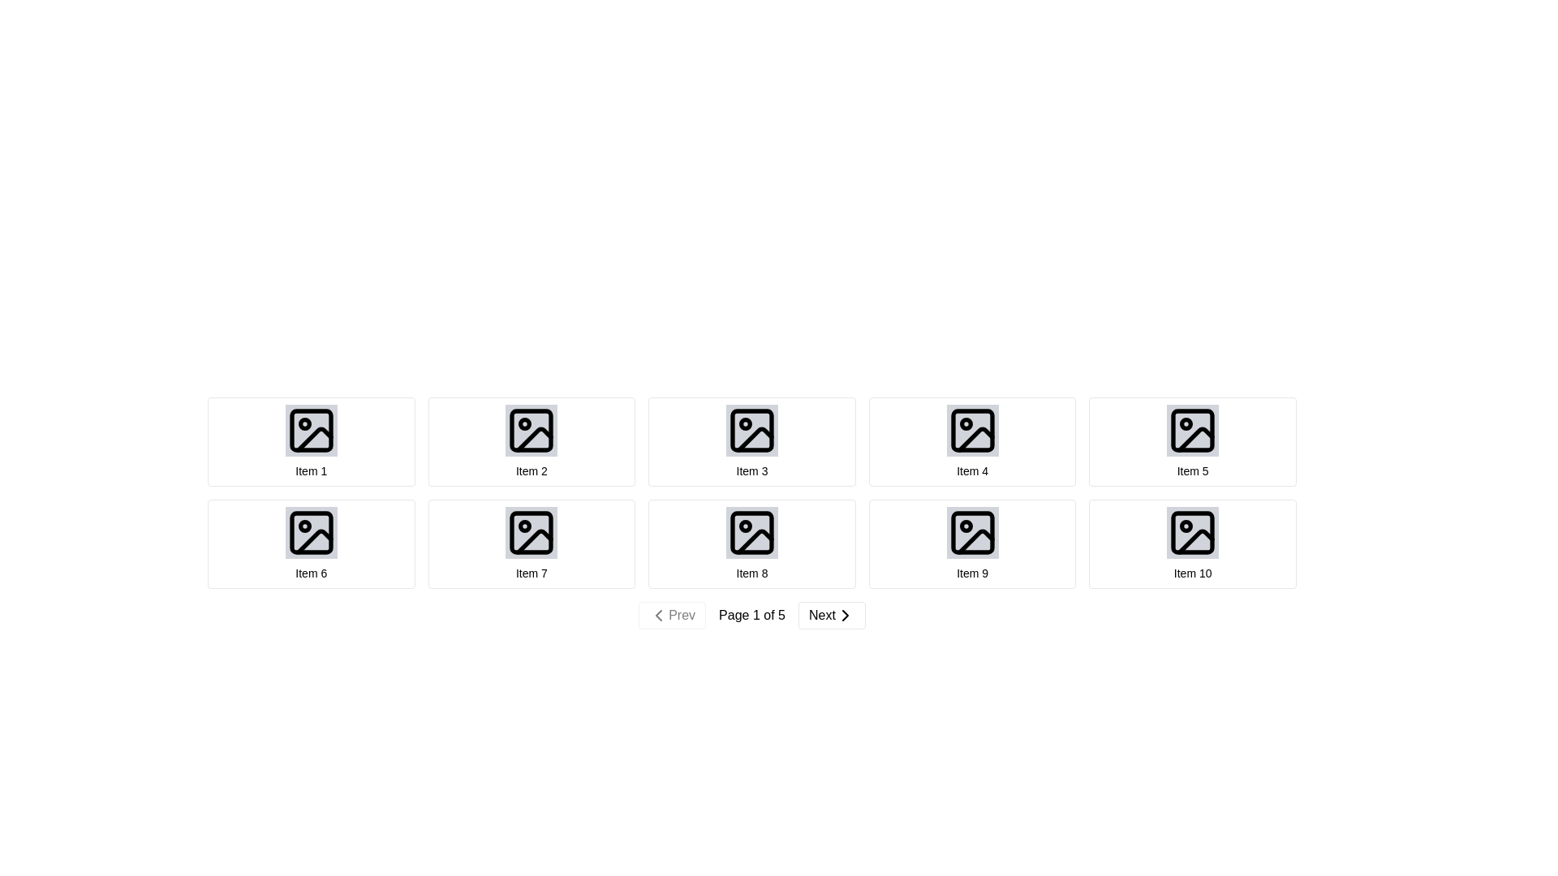 The width and height of the screenshot is (1558, 876). What do you see at coordinates (751, 616) in the screenshot?
I see `the current page number text displayed in the pagination navigation component, located at the bottom center of the interface, between the 'Prev' and 'Next' buttons` at bounding box center [751, 616].